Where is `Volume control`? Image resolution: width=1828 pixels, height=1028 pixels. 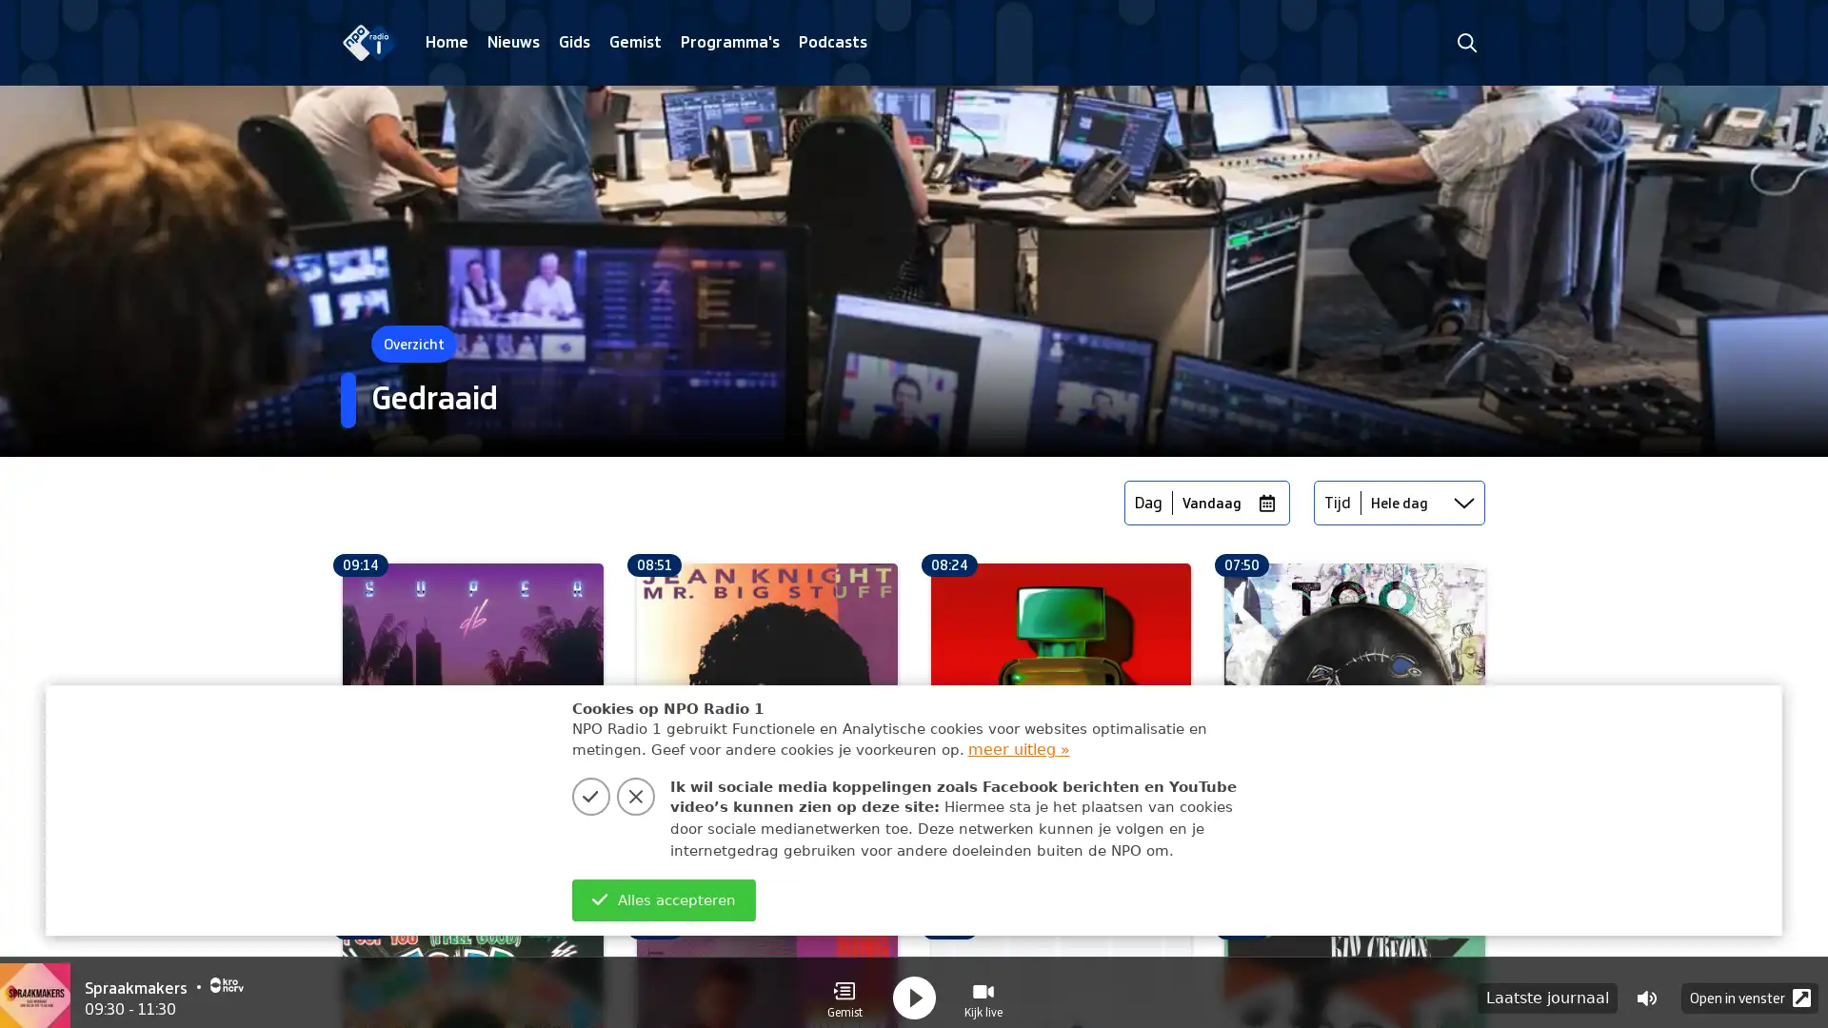 Volume control is located at coordinates (1645, 986).